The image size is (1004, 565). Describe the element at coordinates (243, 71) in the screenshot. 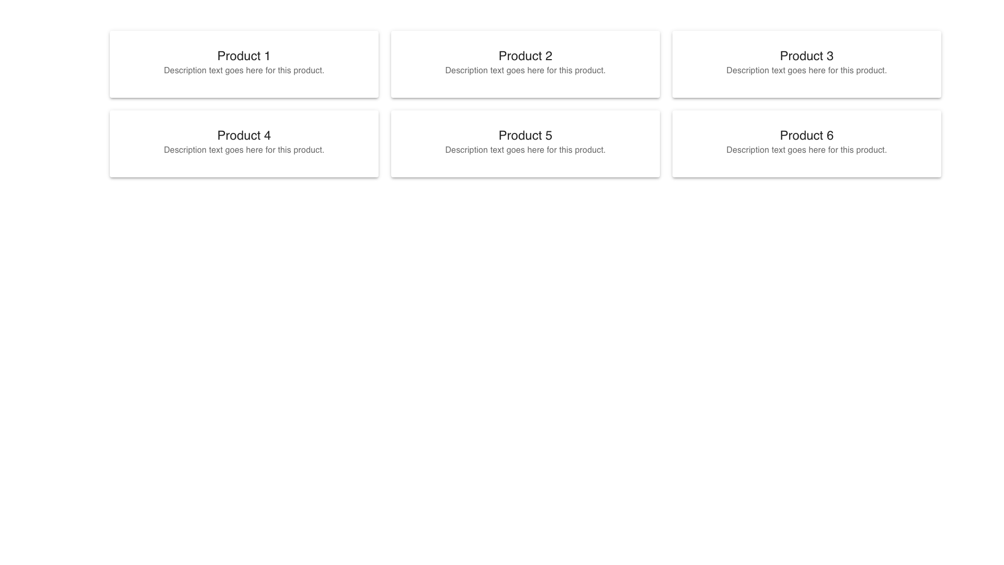

I see `the Text Label displaying 'Description text goes here for this product.' located beneath the title 'Product 1'` at that location.